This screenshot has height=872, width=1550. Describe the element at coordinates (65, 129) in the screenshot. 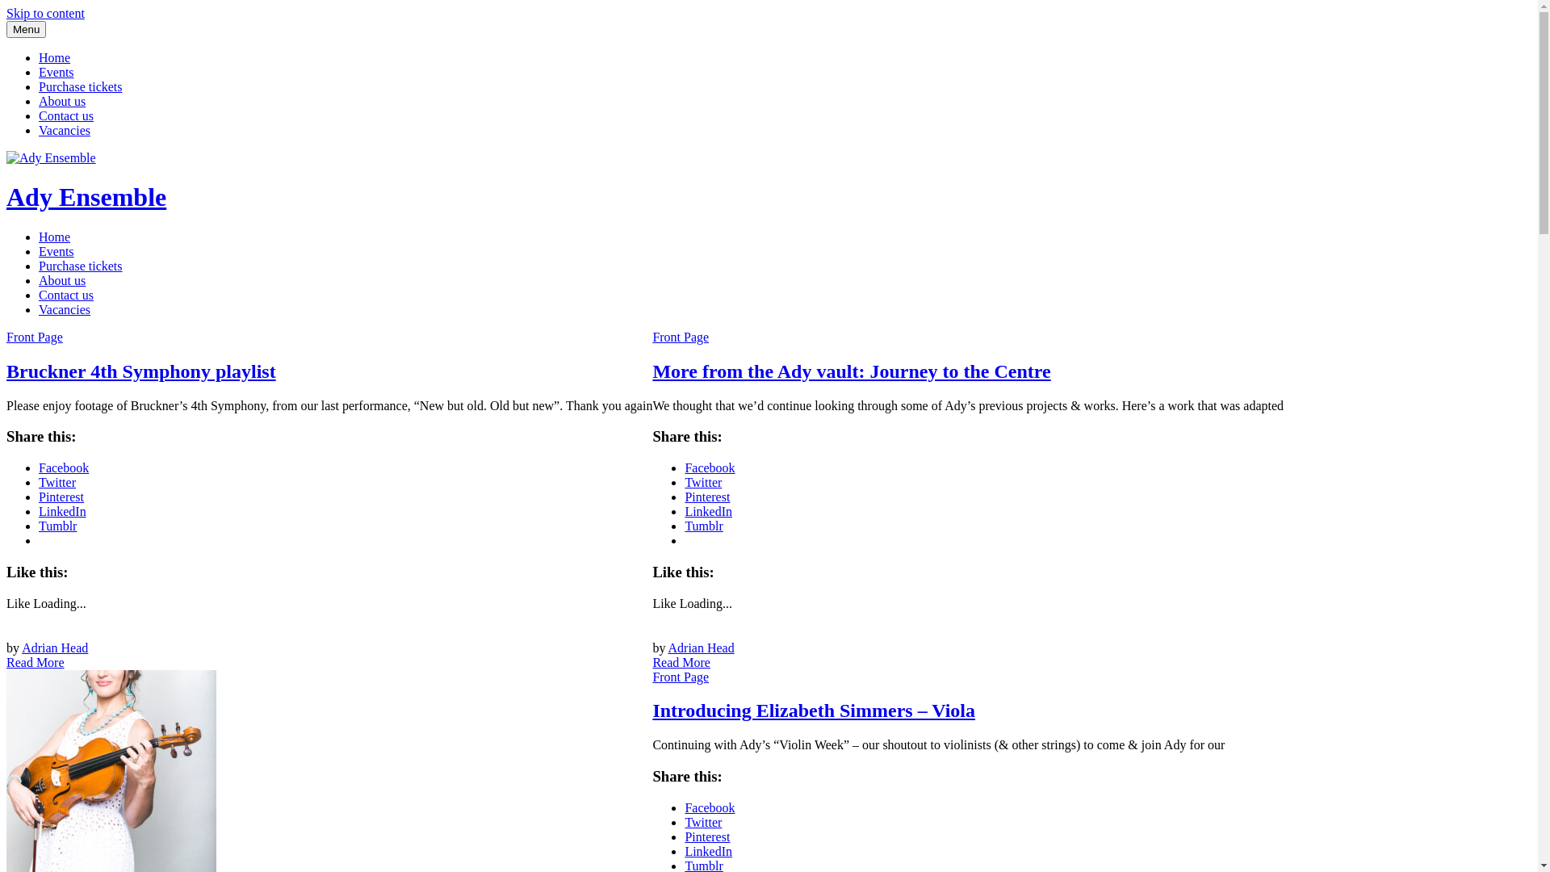

I see `'Vacancies'` at that location.